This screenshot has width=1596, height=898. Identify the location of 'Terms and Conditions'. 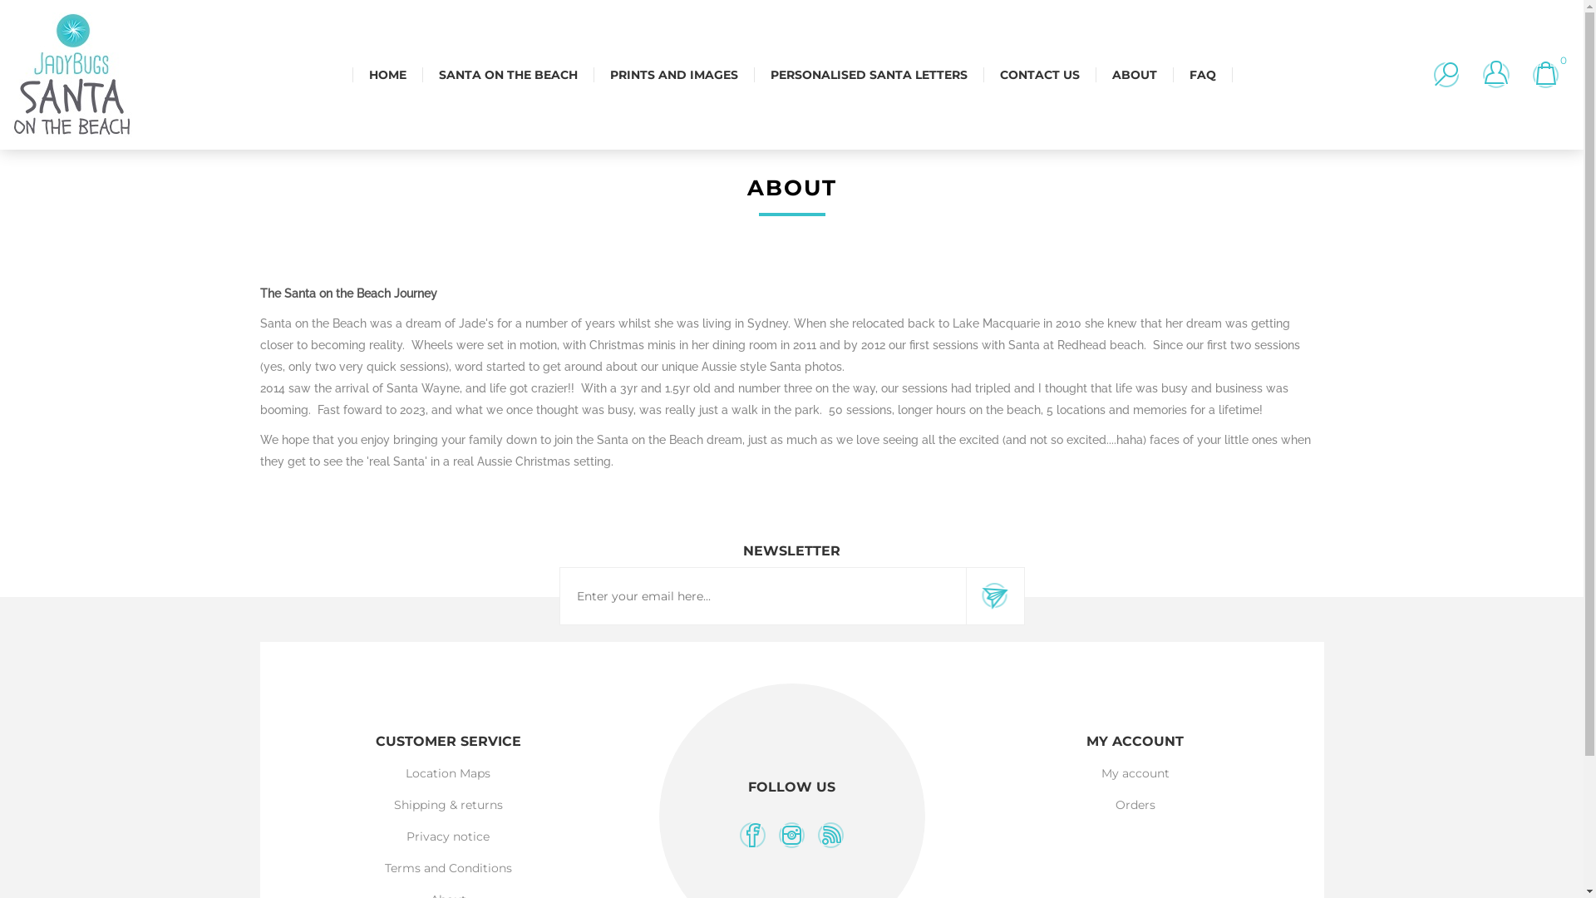
(448, 867).